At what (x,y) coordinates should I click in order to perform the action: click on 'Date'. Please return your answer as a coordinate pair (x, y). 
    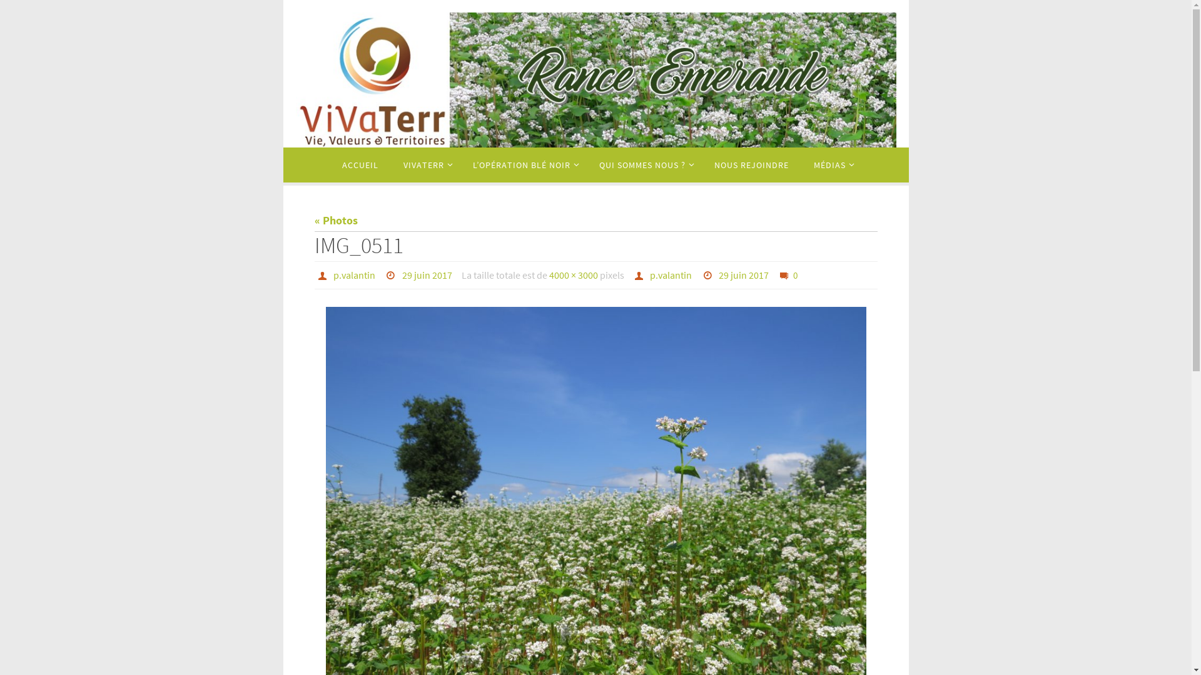
    Looking at the image, I should click on (709, 274).